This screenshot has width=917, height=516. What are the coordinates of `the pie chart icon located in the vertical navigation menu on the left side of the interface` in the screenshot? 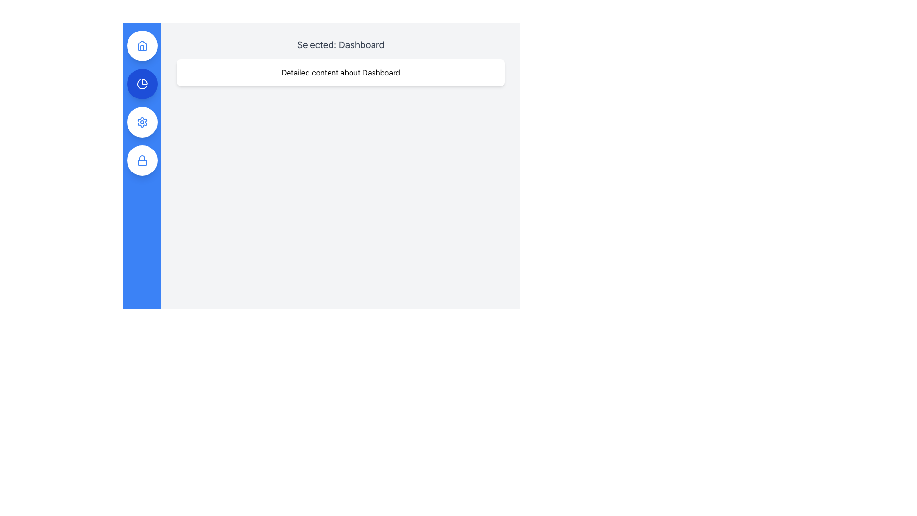 It's located at (141, 84).